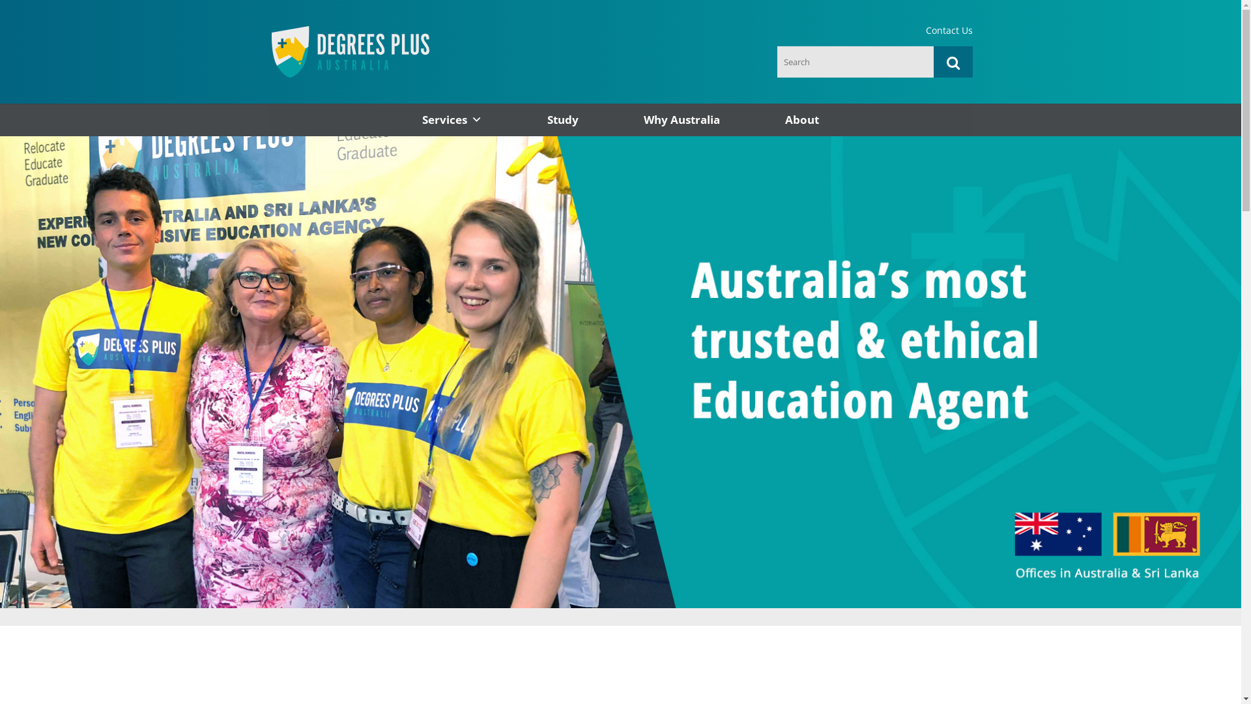 The width and height of the screenshot is (1251, 704). I want to click on 'Contact Us', so click(948, 35).